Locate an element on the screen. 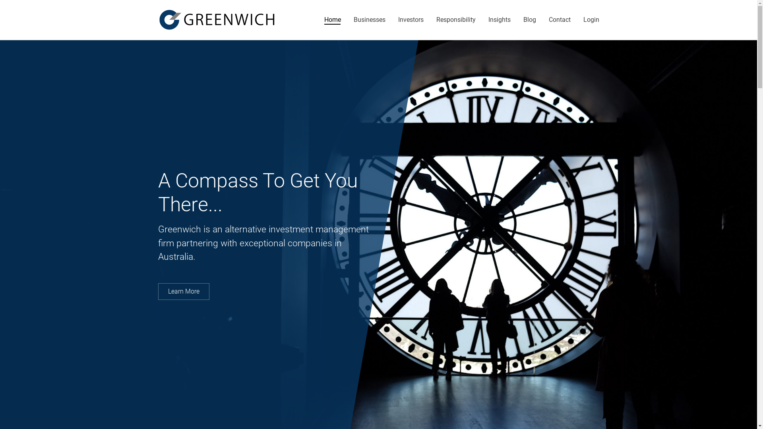  'Investors' is located at coordinates (411, 19).